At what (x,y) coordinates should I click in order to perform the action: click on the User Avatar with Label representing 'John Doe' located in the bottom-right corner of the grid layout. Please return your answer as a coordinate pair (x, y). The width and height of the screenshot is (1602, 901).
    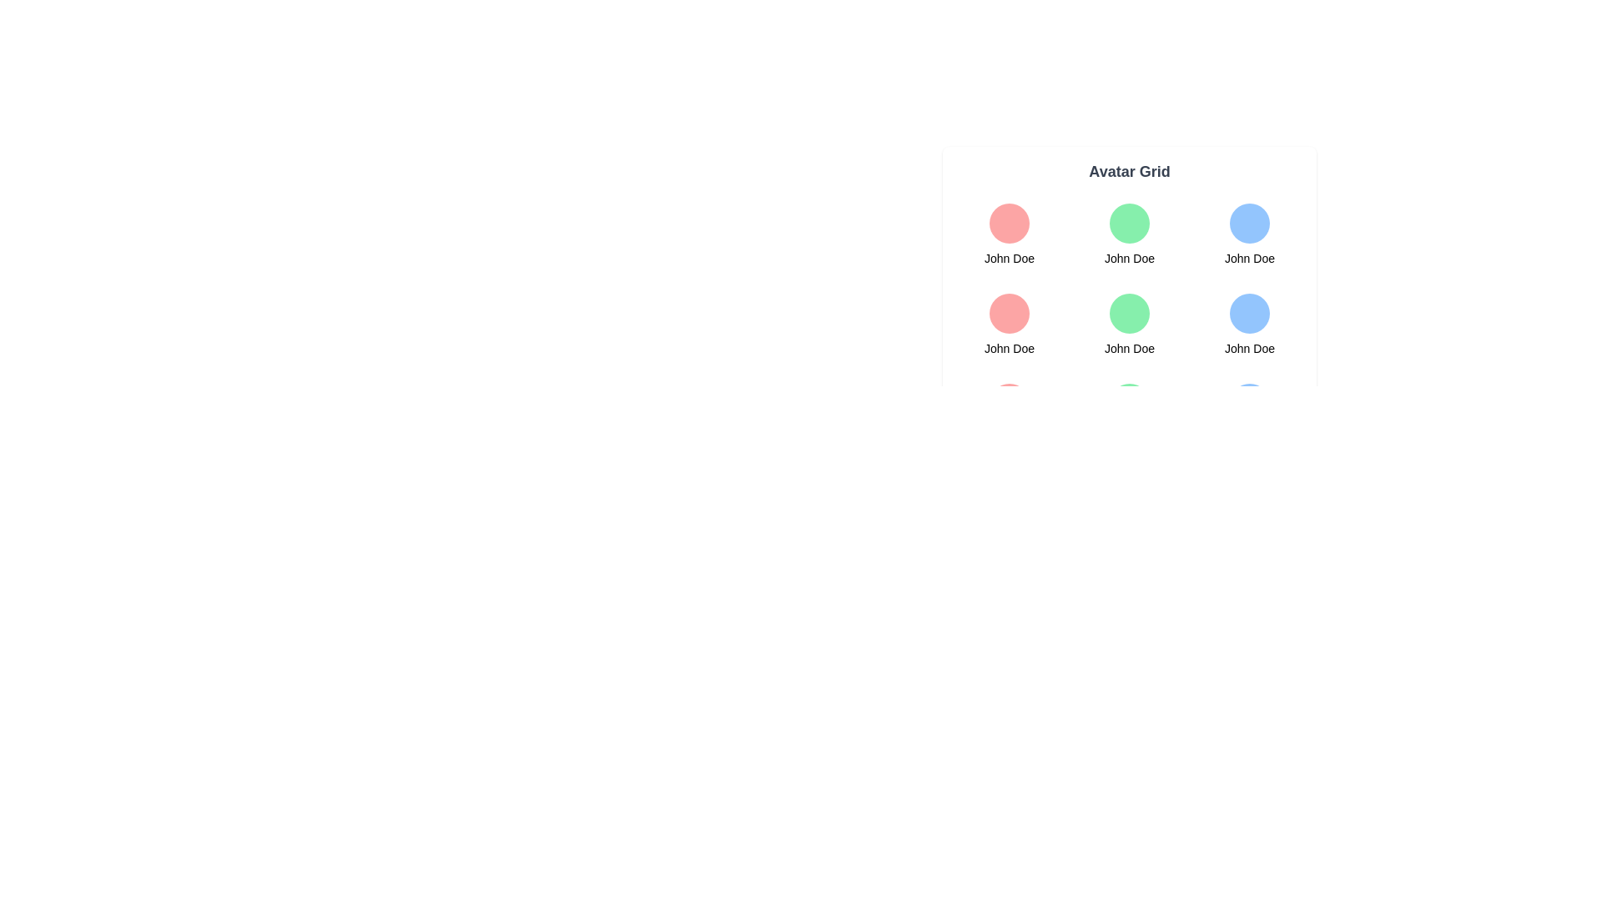
    Looking at the image, I should click on (1249, 325).